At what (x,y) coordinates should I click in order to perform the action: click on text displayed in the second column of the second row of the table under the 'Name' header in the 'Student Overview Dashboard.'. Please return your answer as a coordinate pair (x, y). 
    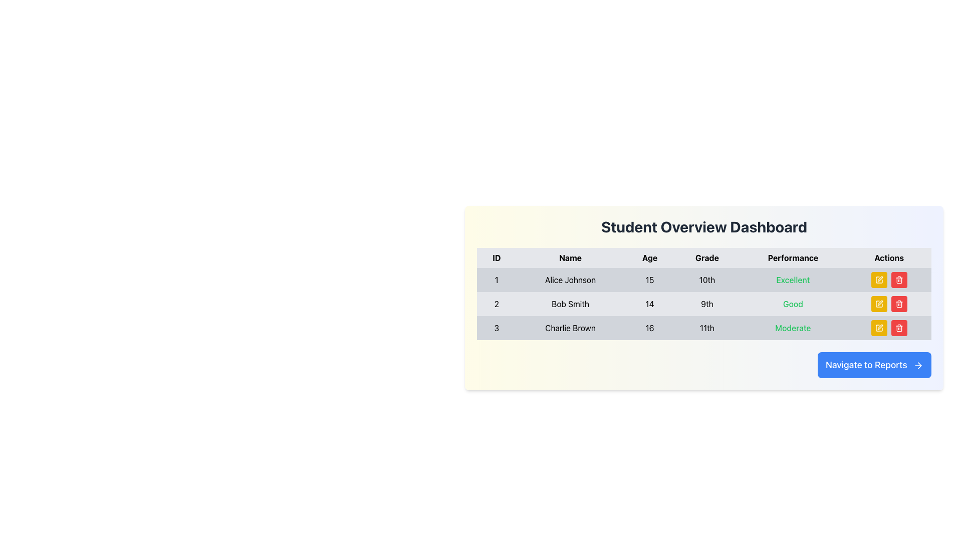
    Looking at the image, I should click on (570, 303).